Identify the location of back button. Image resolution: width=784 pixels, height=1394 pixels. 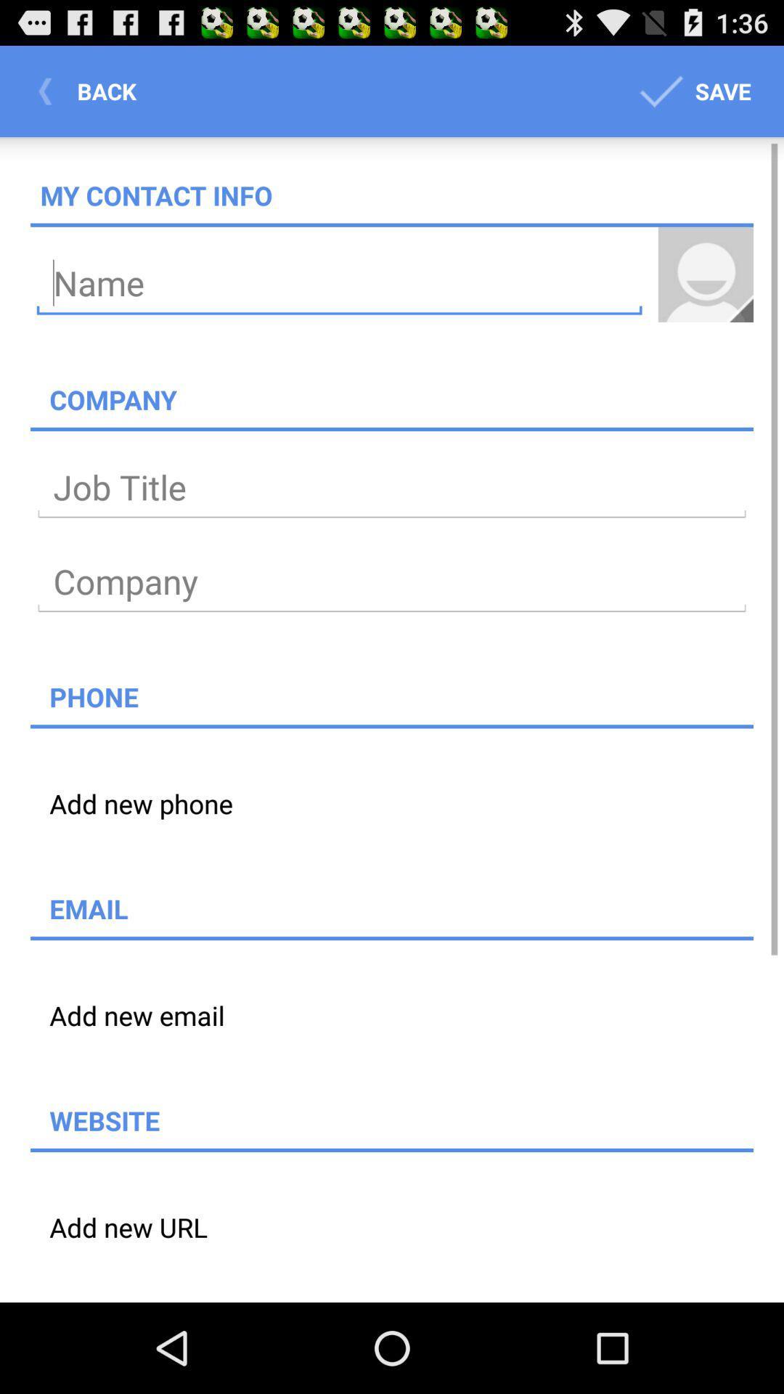
(91, 90).